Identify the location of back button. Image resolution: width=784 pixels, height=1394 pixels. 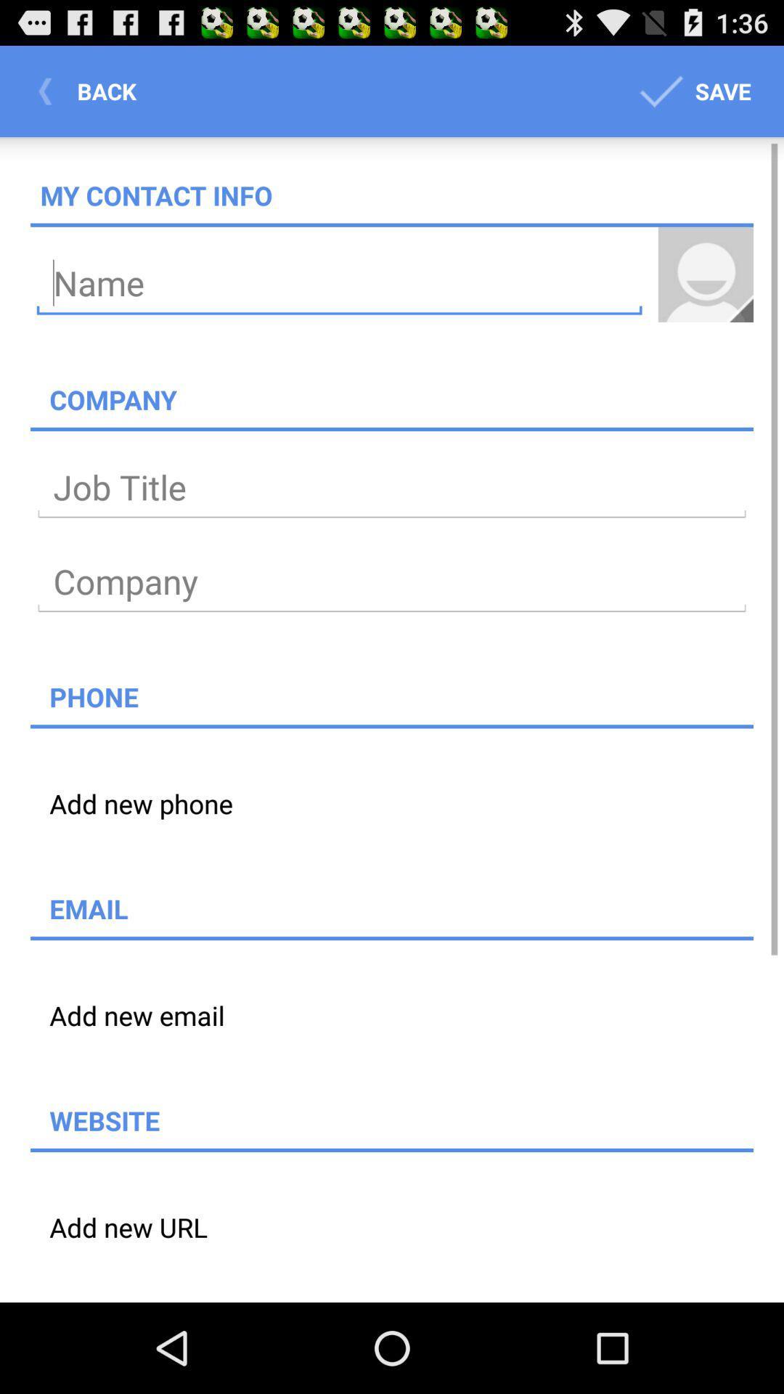
(91, 90).